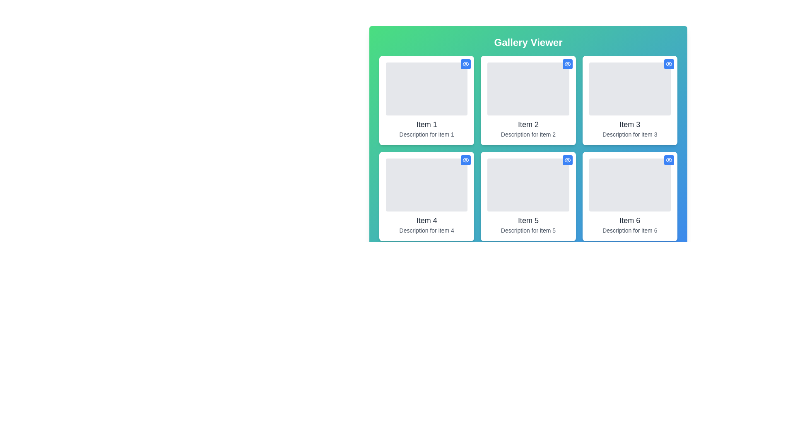 The width and height of the screenshot is (795, 447). Describe the element at coordinates (567, 160) in the screenshot. I see `the eye icon located in the top-right corner of the fifth card in the gallery viewer interface` at that location.